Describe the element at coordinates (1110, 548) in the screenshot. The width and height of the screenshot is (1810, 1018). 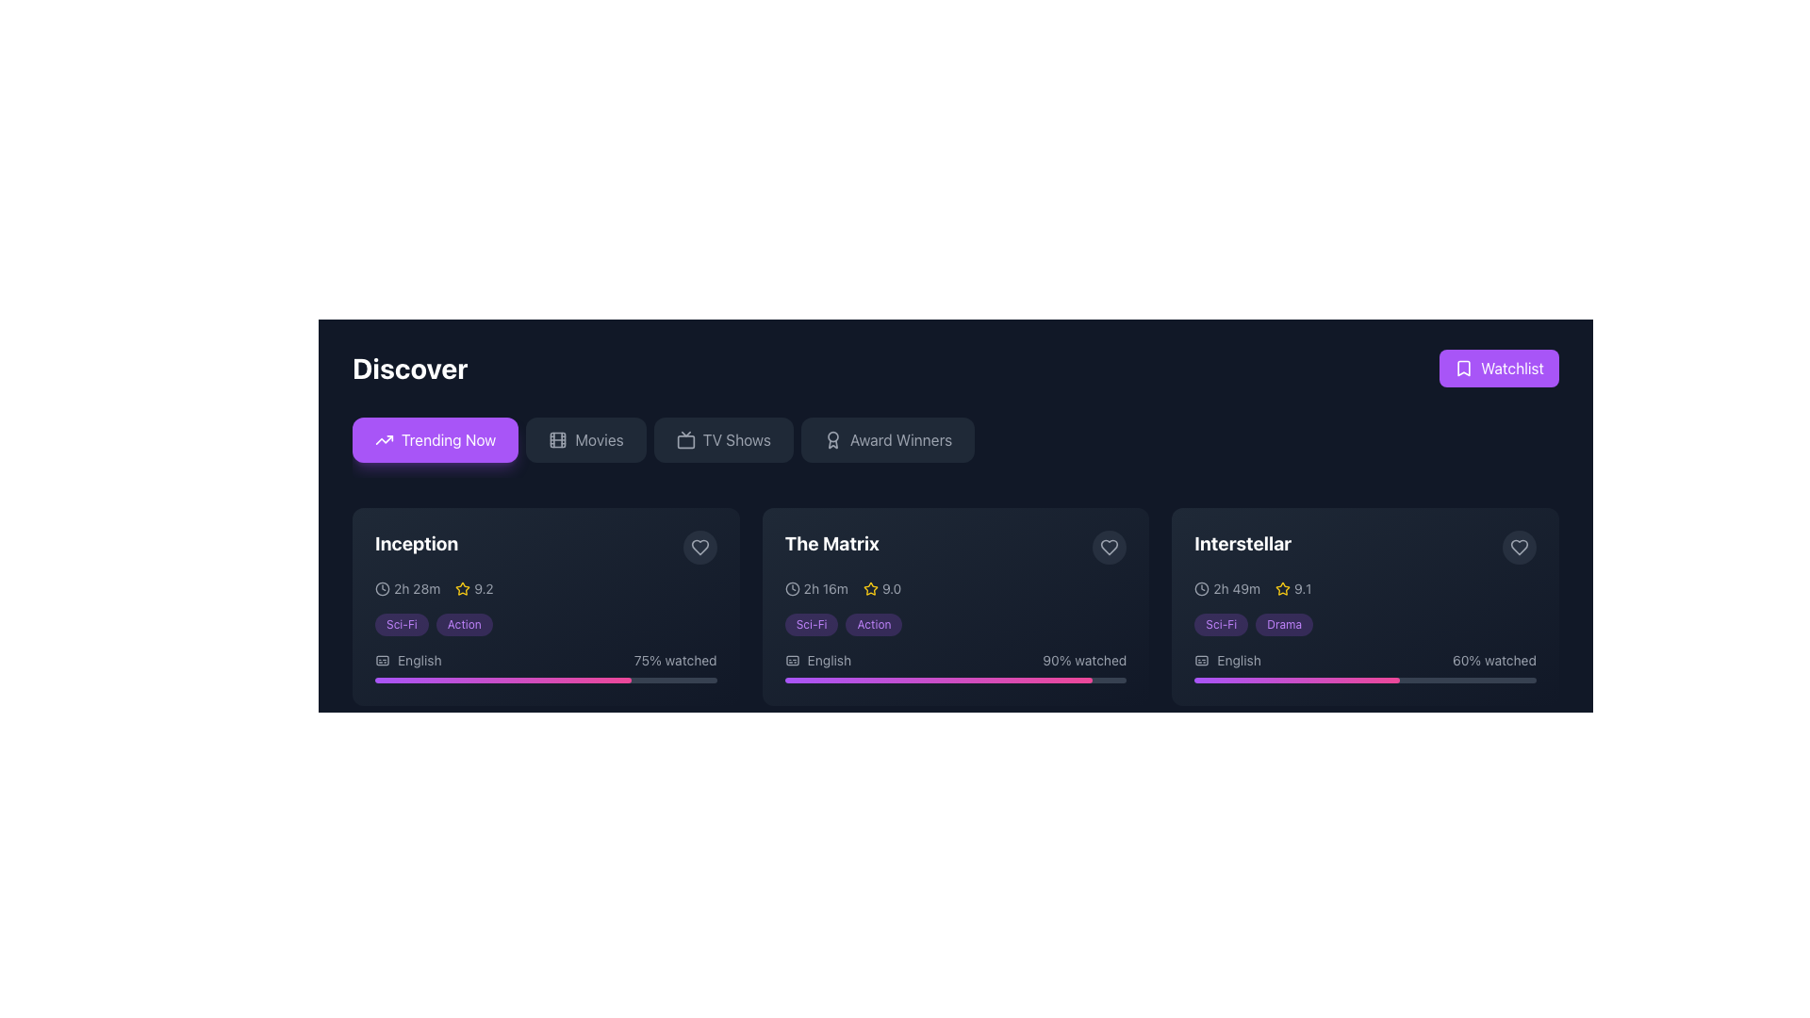
I see `the heart-shaped icon with an outline design located in the top-right corner of the card titled 'The Matrix'` at that location.